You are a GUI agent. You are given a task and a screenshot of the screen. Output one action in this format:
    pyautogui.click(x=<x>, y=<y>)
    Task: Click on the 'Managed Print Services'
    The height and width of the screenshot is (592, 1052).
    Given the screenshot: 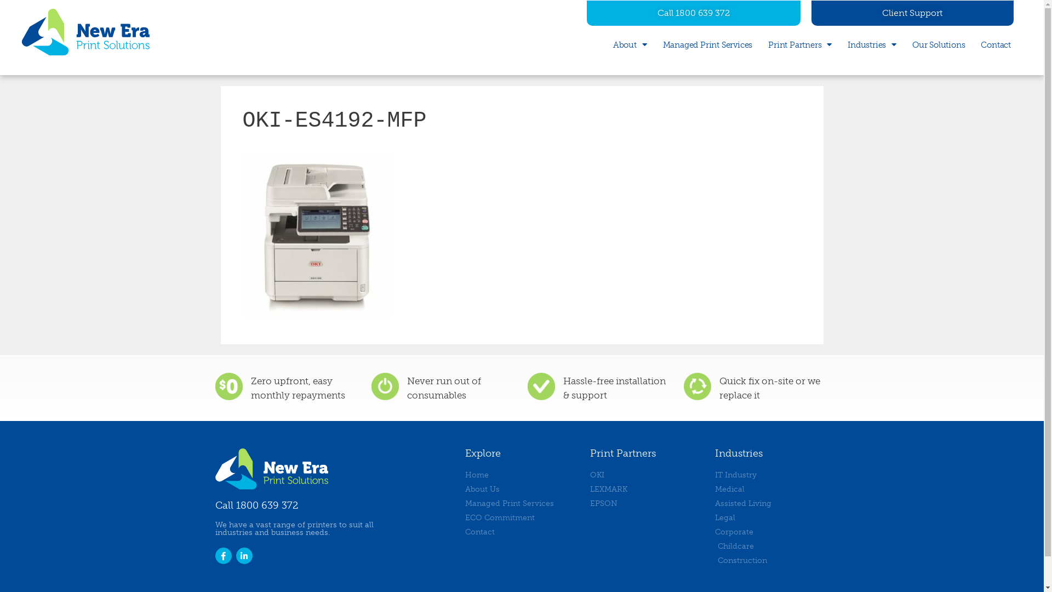 What is the action you would take?
    pyautogui.click(x=521, y=503)
    